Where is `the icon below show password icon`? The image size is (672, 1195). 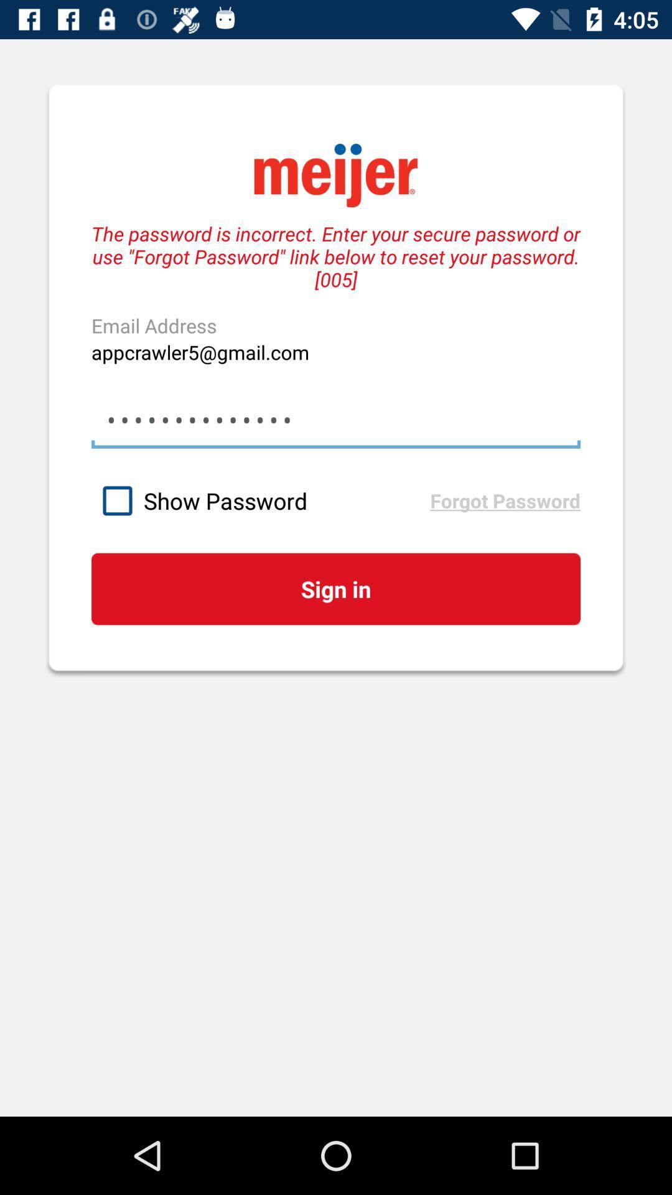
the icon below show password icon is located at coordinates (336, 588).